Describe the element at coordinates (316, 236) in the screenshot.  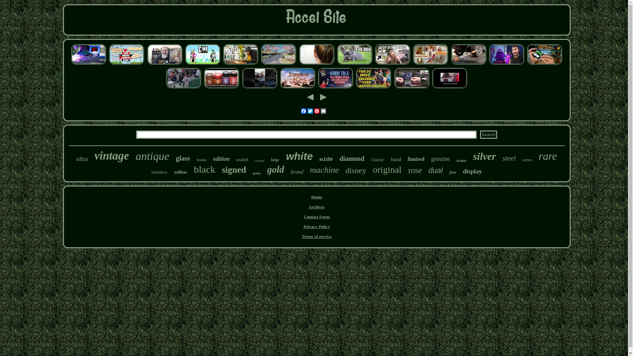
I see `'Terms of service'` at that location.